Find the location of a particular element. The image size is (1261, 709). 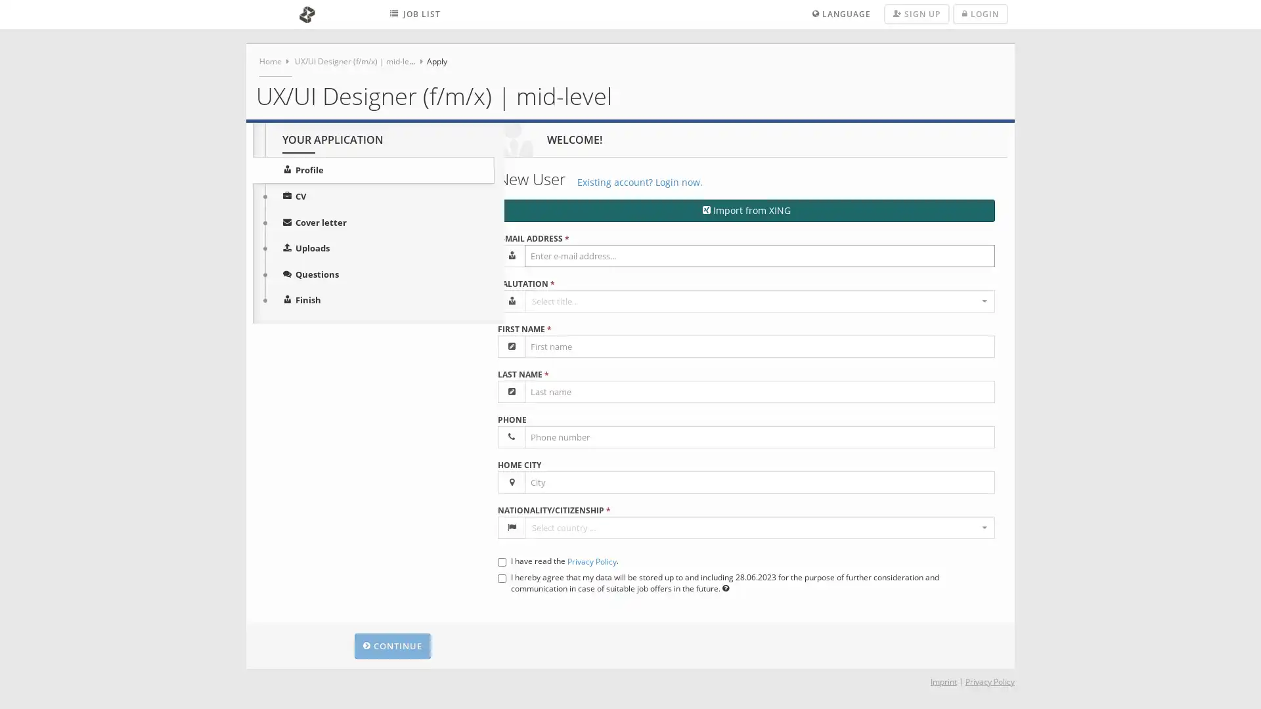

Existing account? Login now. is located at coordinates (397, 182).